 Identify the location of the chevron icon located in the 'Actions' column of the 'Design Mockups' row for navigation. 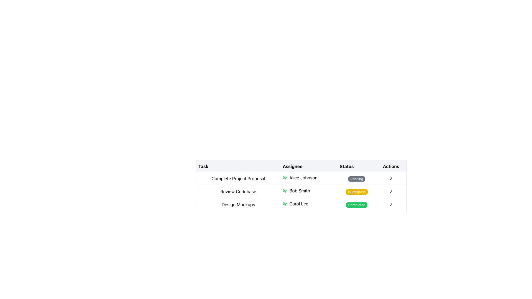
(391, 205).